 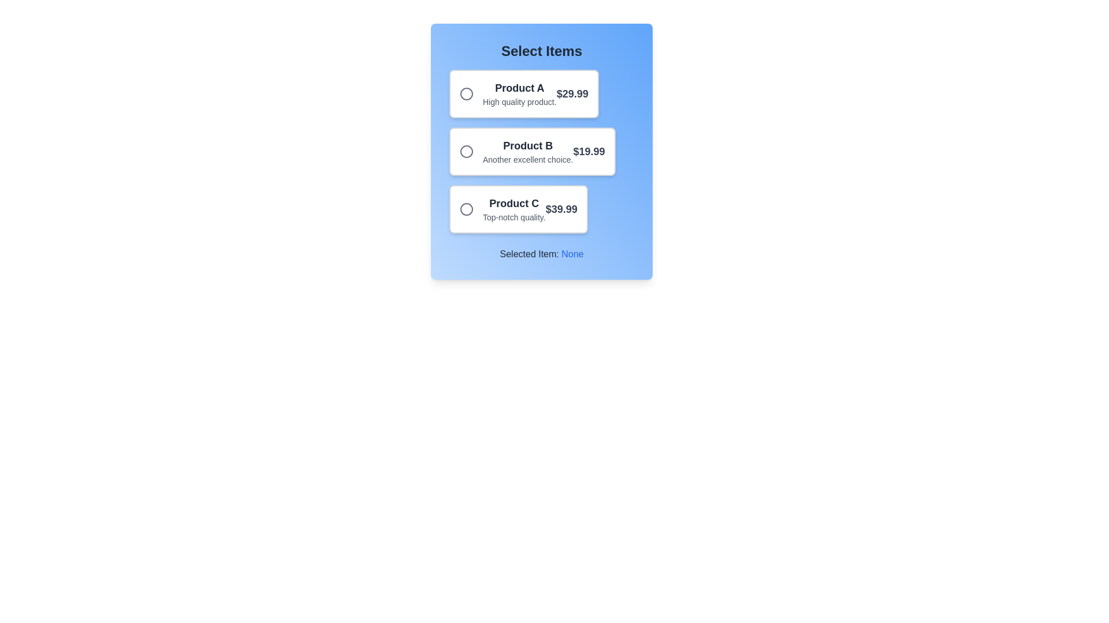 What do you see at coordinates (466, 209) in the screenshot?
I see `the circular radio button for 'Product C', which is styled with a gray outline and has a hollow center` at bounding box center [466, 209].